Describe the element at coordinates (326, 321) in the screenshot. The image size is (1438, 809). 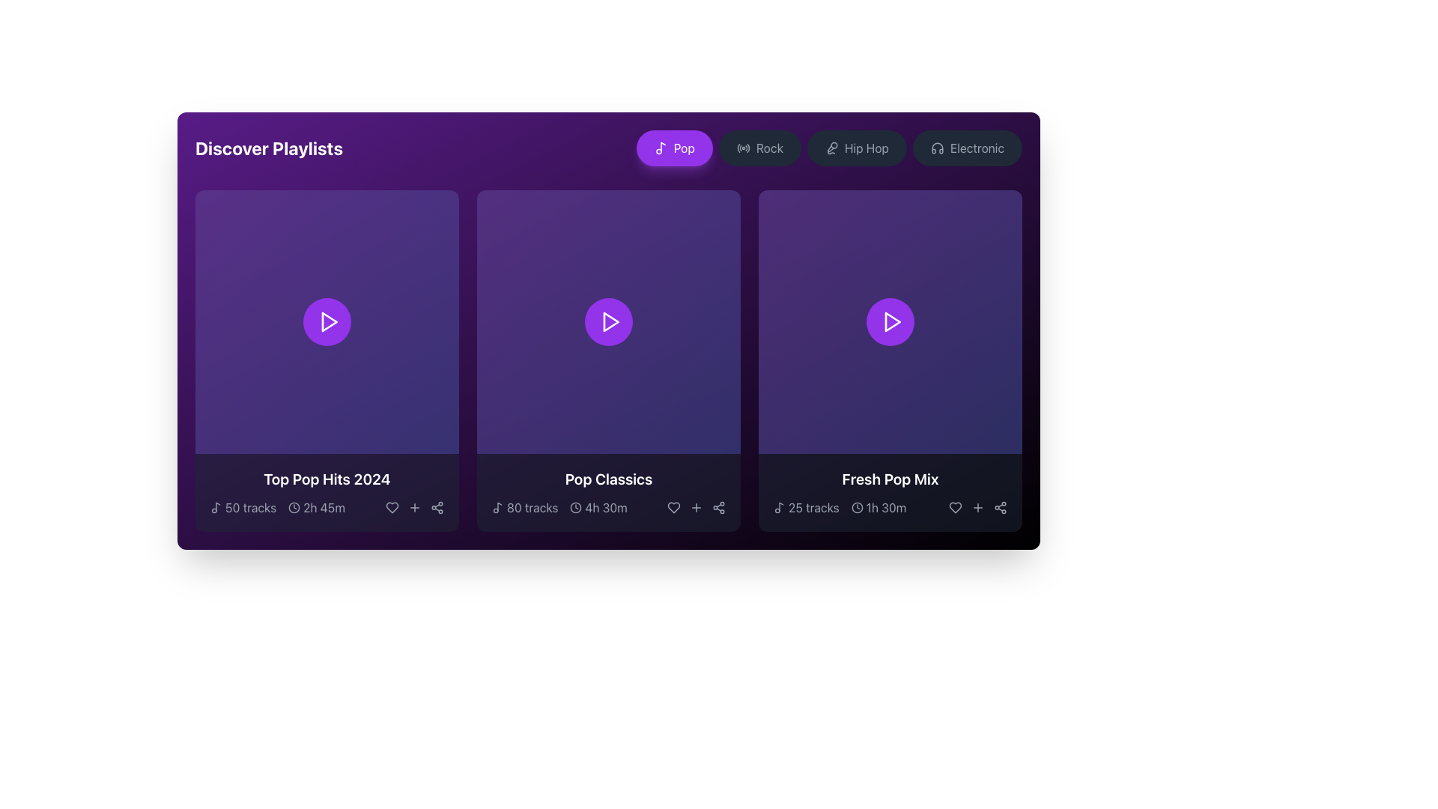
I see `the circular button with a purple background and white play icon located in the upper-middle section of the 'Top Pop Hits 2024' card to trigger hover effects` at that location.